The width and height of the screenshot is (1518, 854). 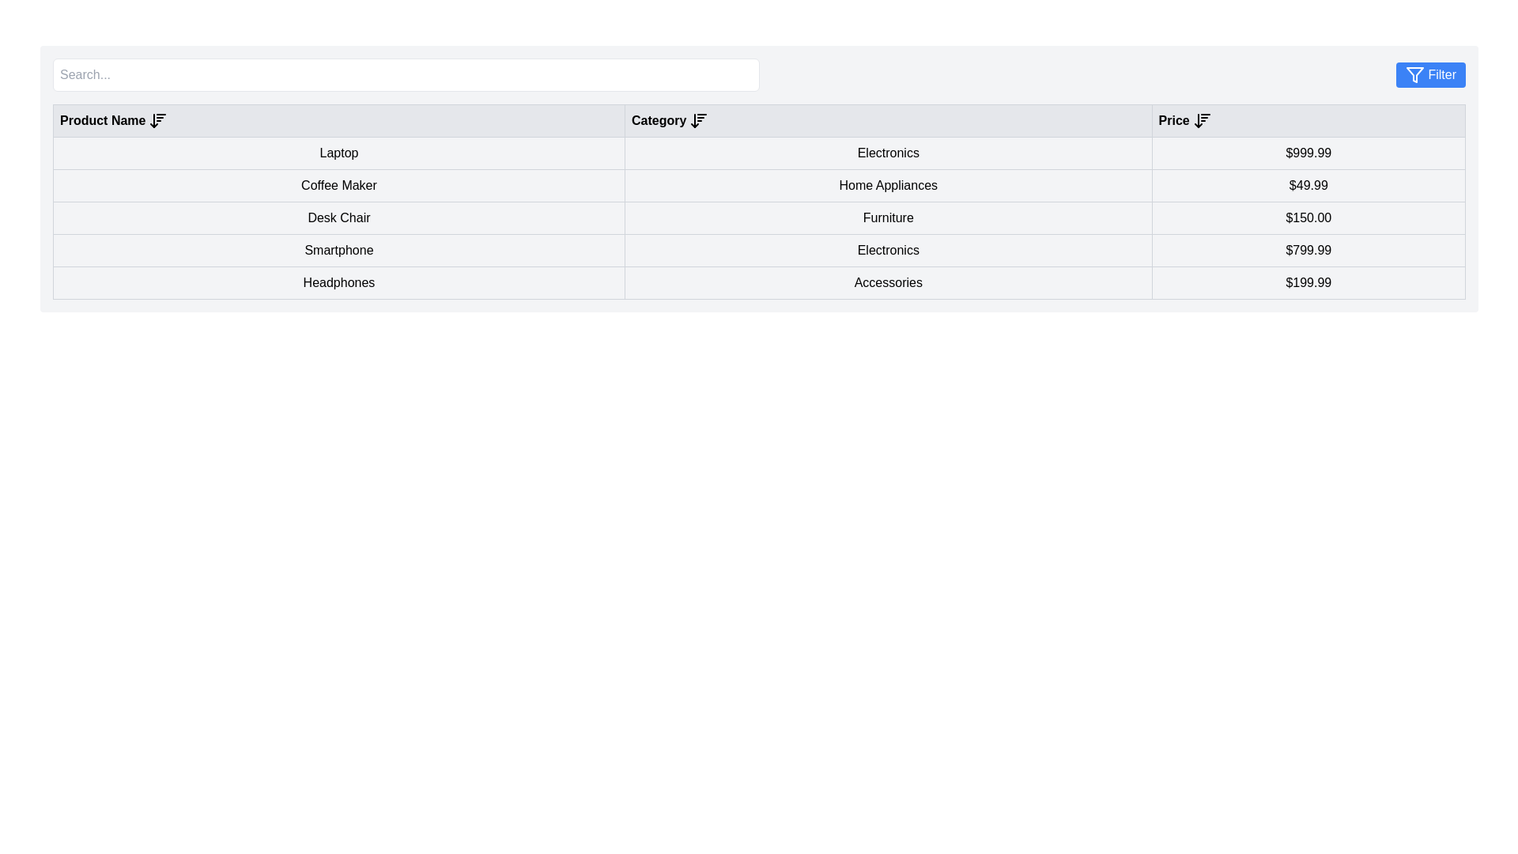 I want to click on text of the 'Home Appliances' label displayed in the second row, second column of the table, so click(x=888, y=185).